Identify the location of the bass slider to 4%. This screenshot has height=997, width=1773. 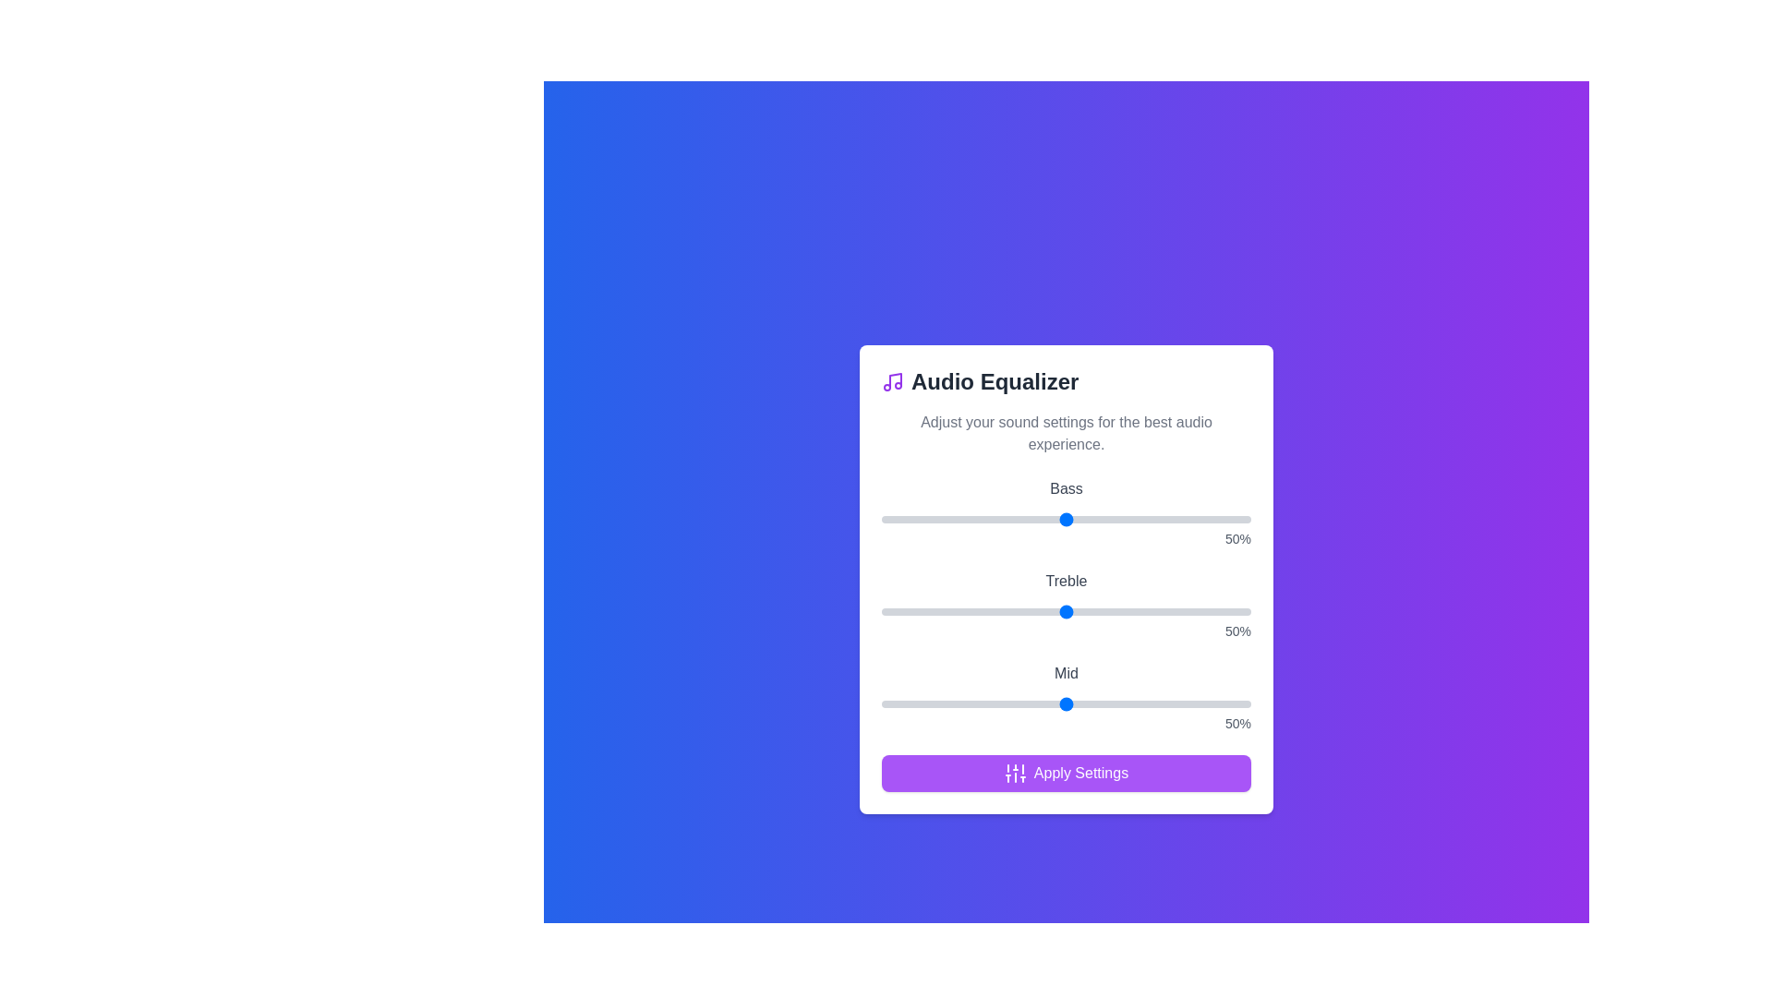
(896, 520).